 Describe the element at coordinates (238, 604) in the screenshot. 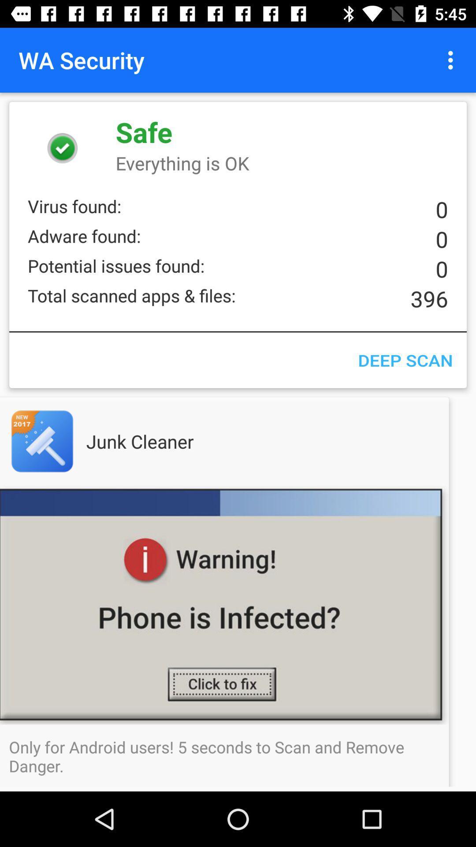

I see `pop up advertisement` at that location.